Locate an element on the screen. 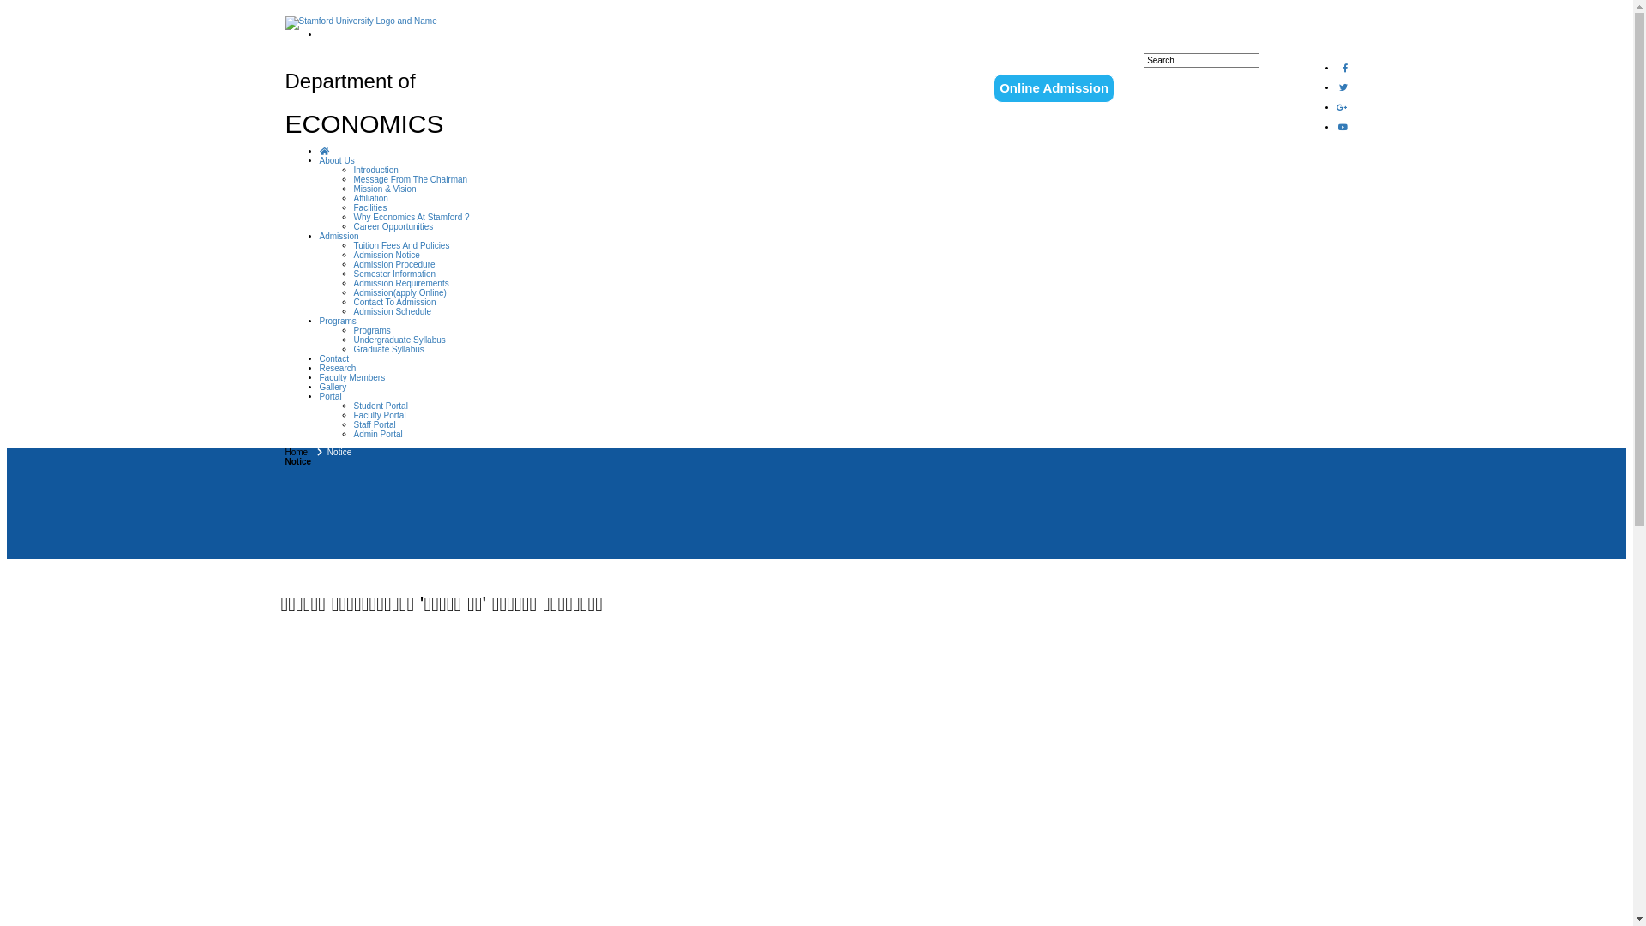 This screenshot has width=1646, height=926. 'About Us' is located at coordinates (319, 160).